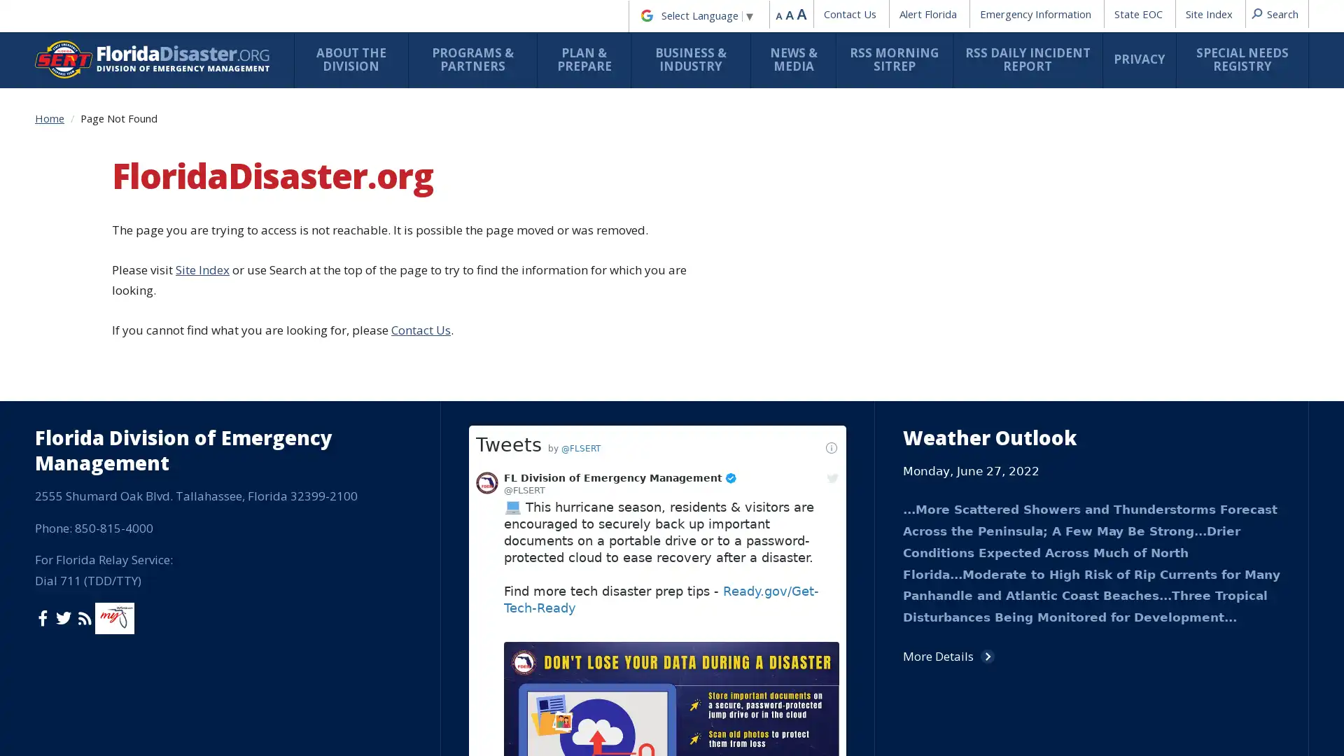 Image resolution: width=1344 pixels, height=756 pixels. Describe the element at coordinates (701, 725) in the screenshot. I see `Toggle More` at that location.